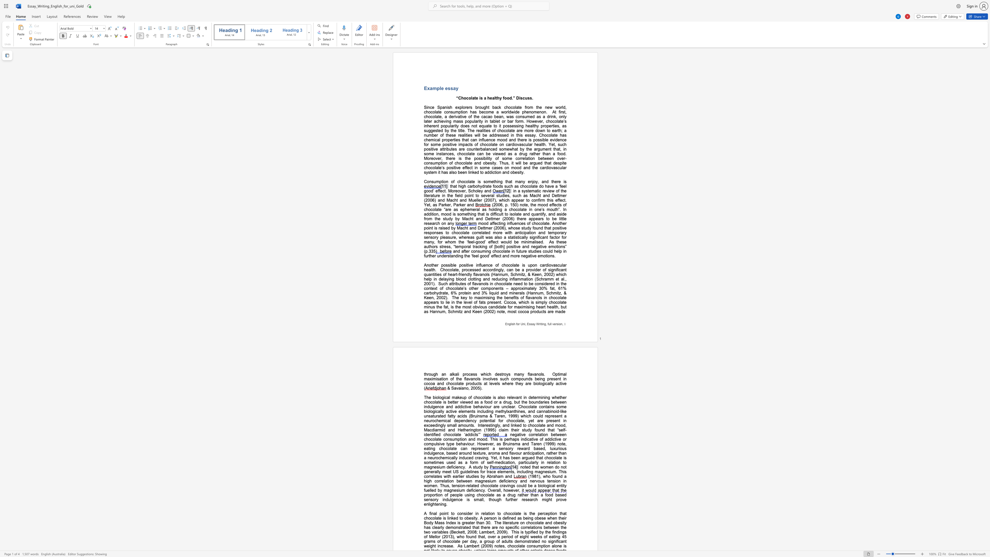  What do you see at coordinates (518, 541) in the screenshot?
I see `the subset text "monstr" within the text "demonstrated"` at bounding box center [518, 541].